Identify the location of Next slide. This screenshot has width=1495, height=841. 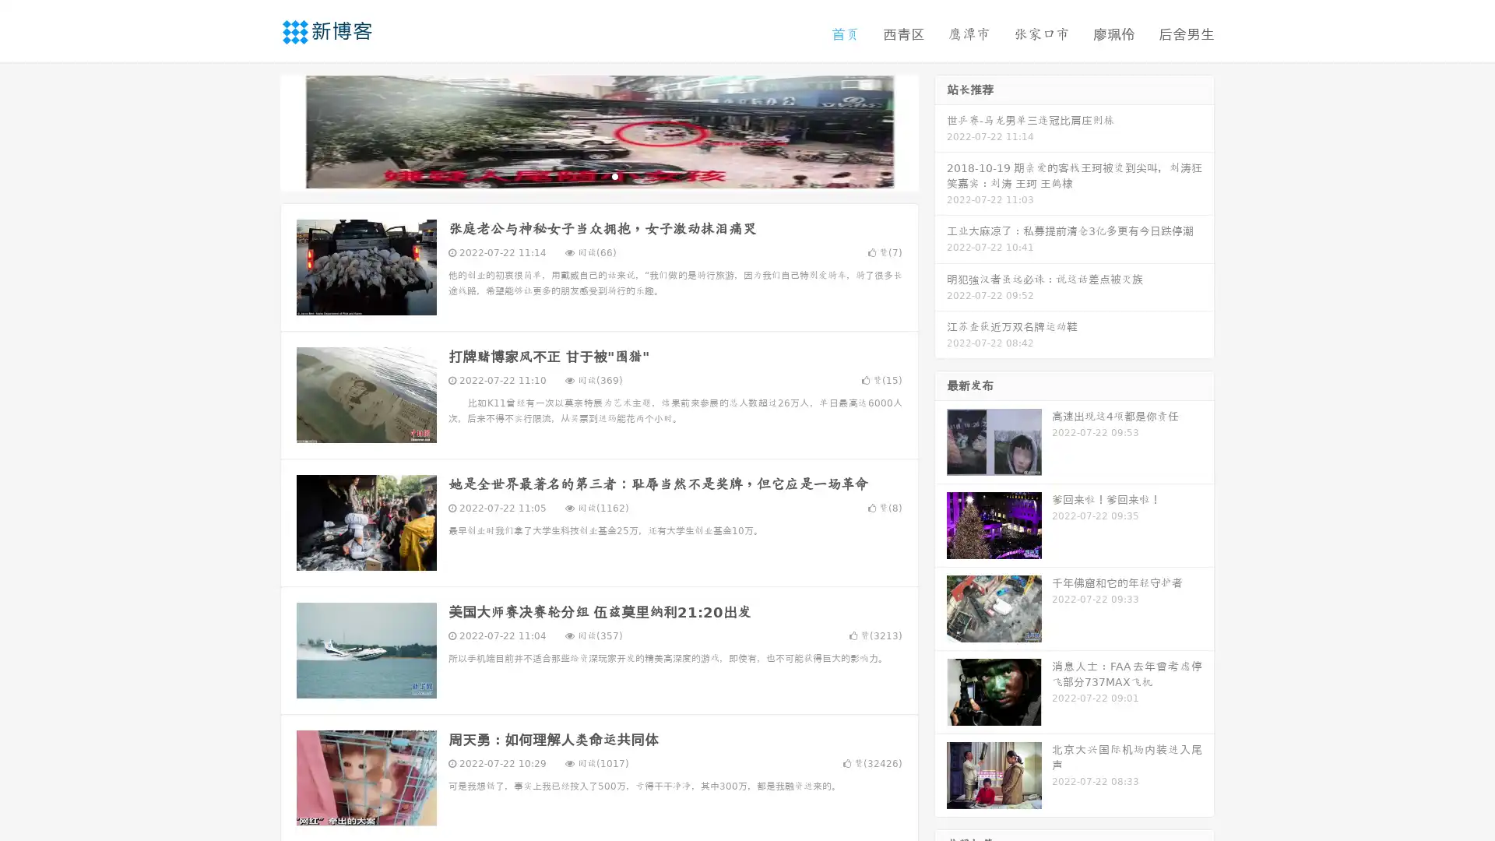
(941, 131).